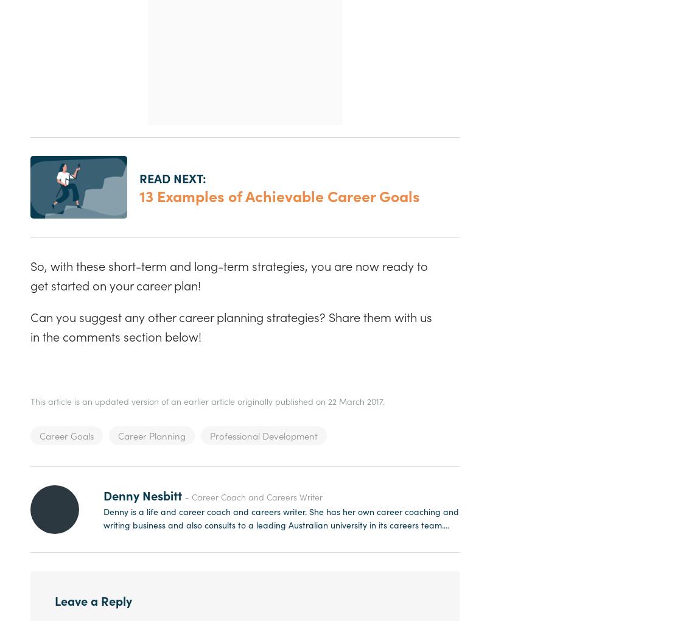 The width and height of the screenshot is (700, 621). What do you see at coordinates (66, 435) in the screenshot?
I see `'Career Goals'` at bounding box center [66, 435].